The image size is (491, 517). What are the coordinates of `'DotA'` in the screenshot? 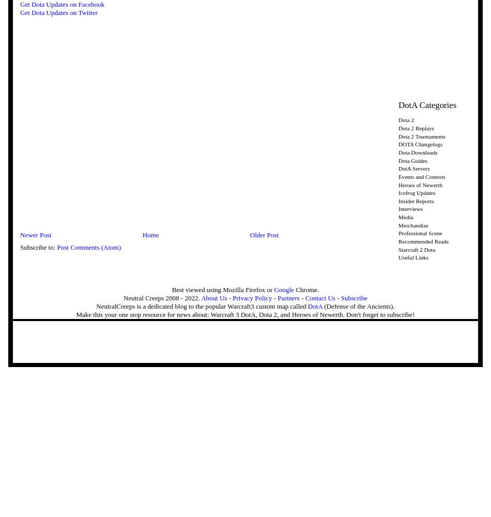 It's located at (315, 305).